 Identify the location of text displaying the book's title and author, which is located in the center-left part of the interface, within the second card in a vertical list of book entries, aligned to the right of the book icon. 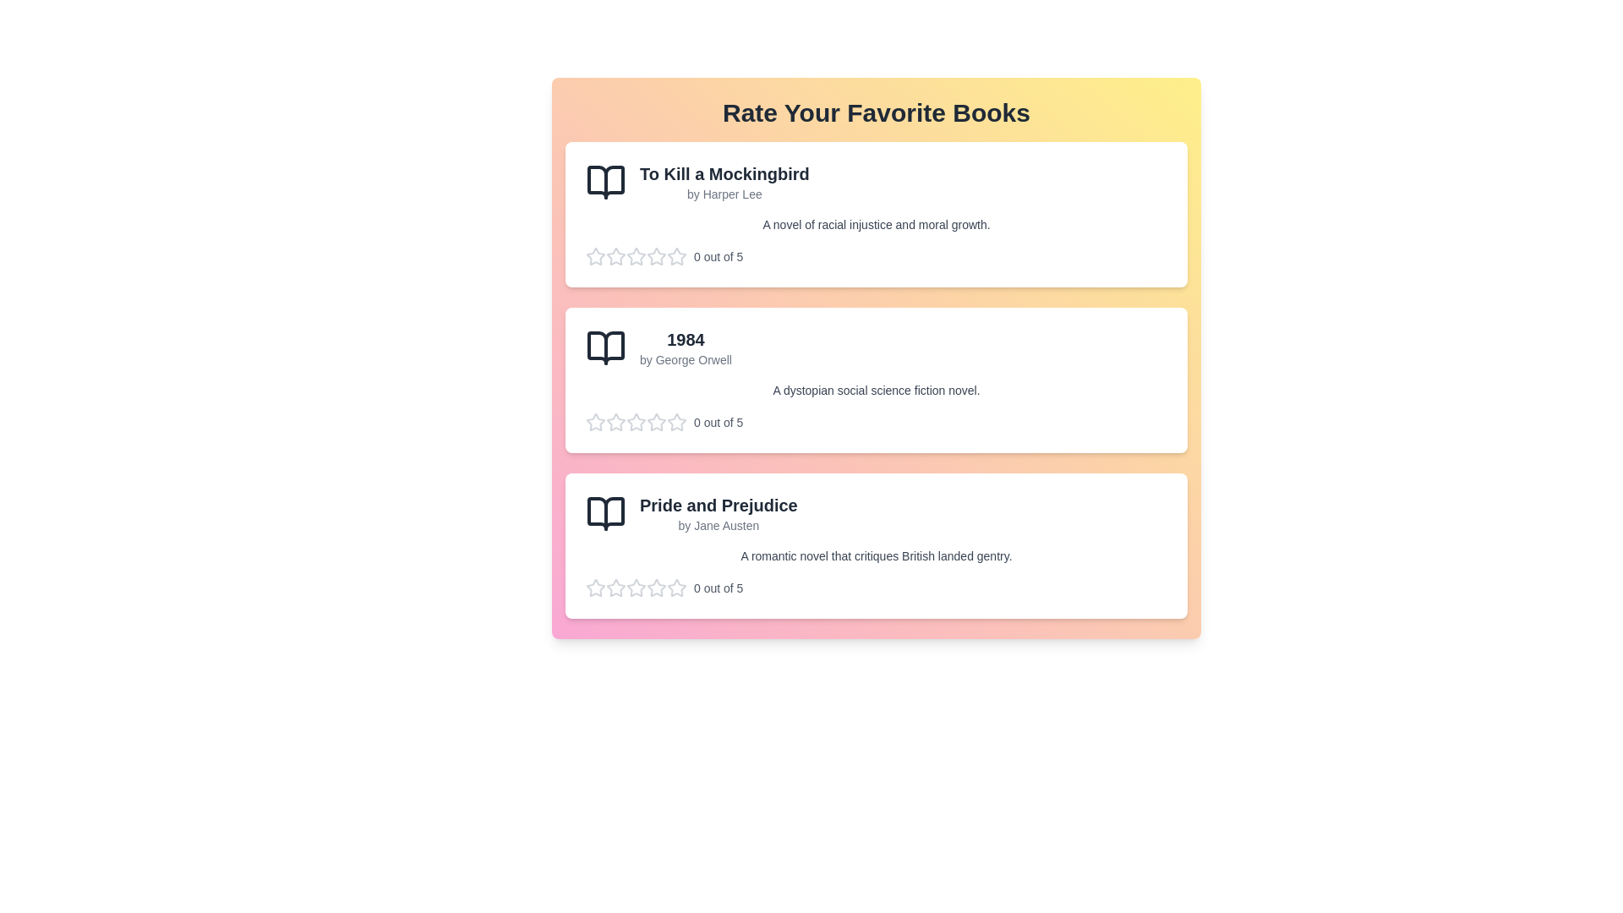
(686, 347).